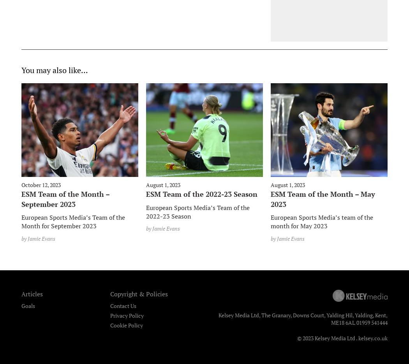 The height and width of the screenshot is (364, 409). Describe the element at coordinates (372, 337) in the screenshot. I see `'kelsey.co.uk'` at that location.